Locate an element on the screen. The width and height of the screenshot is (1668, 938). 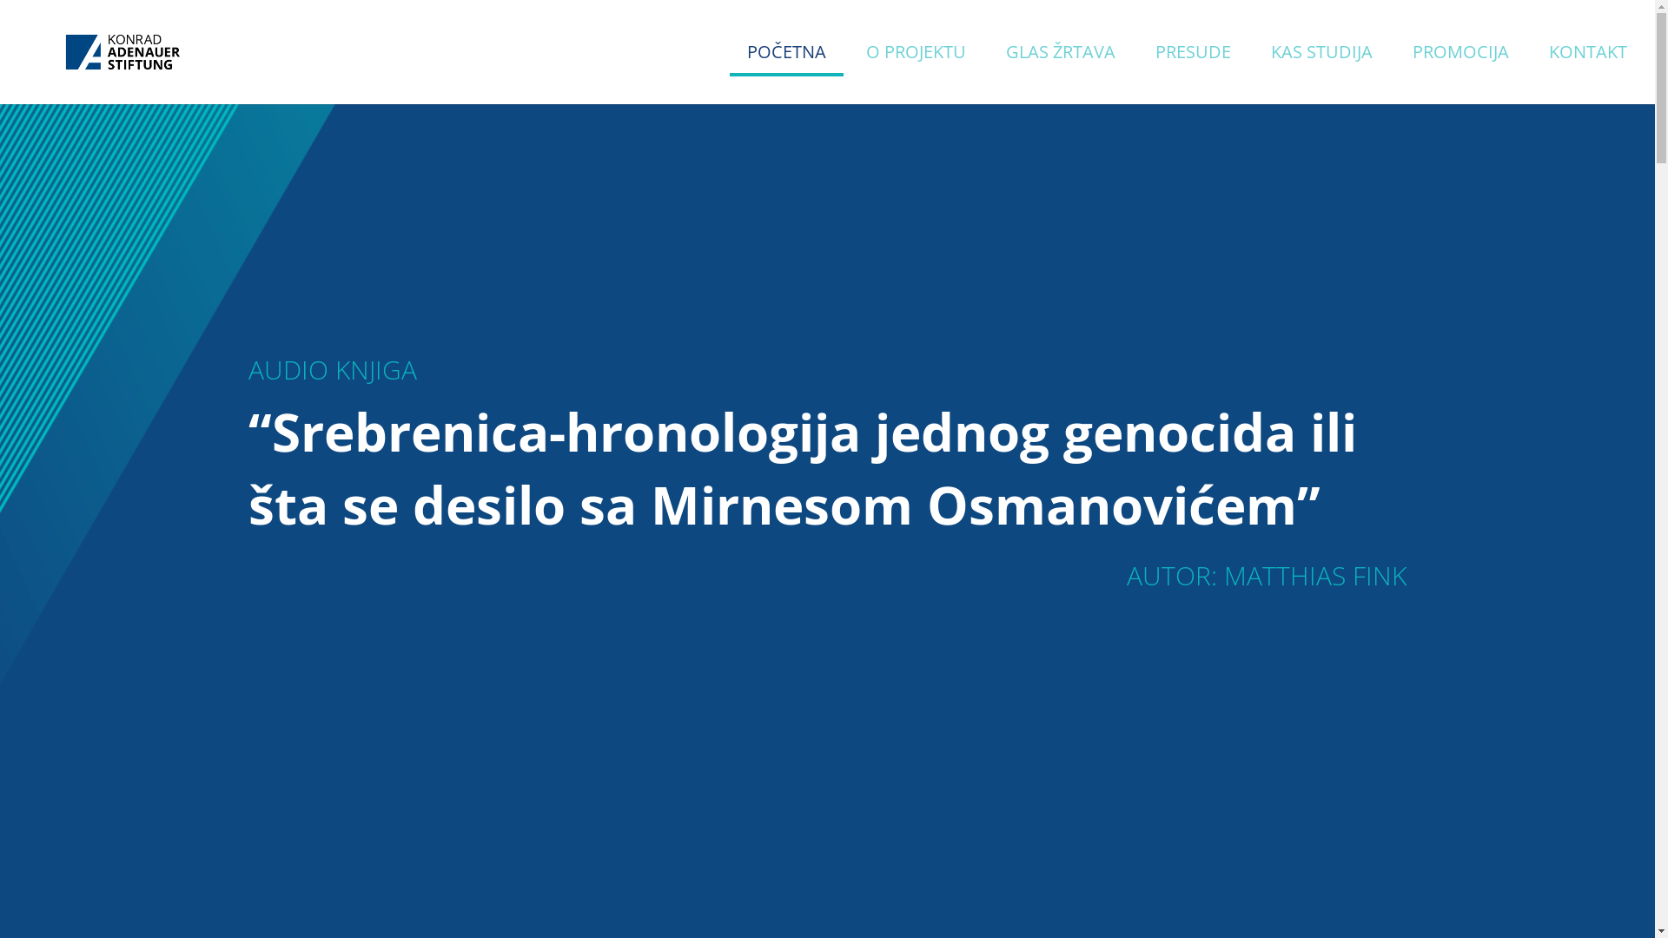
'PRESUDE' is located at coordinates (1155, 74).